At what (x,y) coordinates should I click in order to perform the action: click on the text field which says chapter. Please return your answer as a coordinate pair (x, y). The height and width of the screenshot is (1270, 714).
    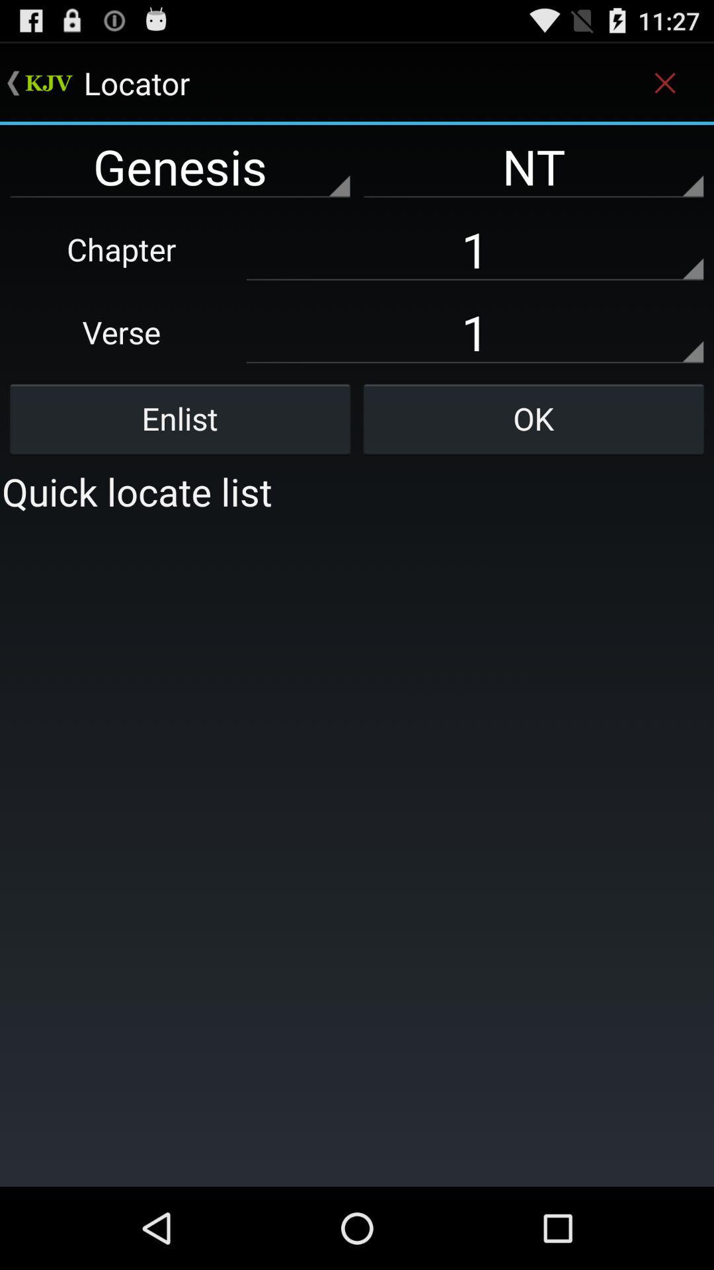
    Looking at the image, I should click on (474, 249).